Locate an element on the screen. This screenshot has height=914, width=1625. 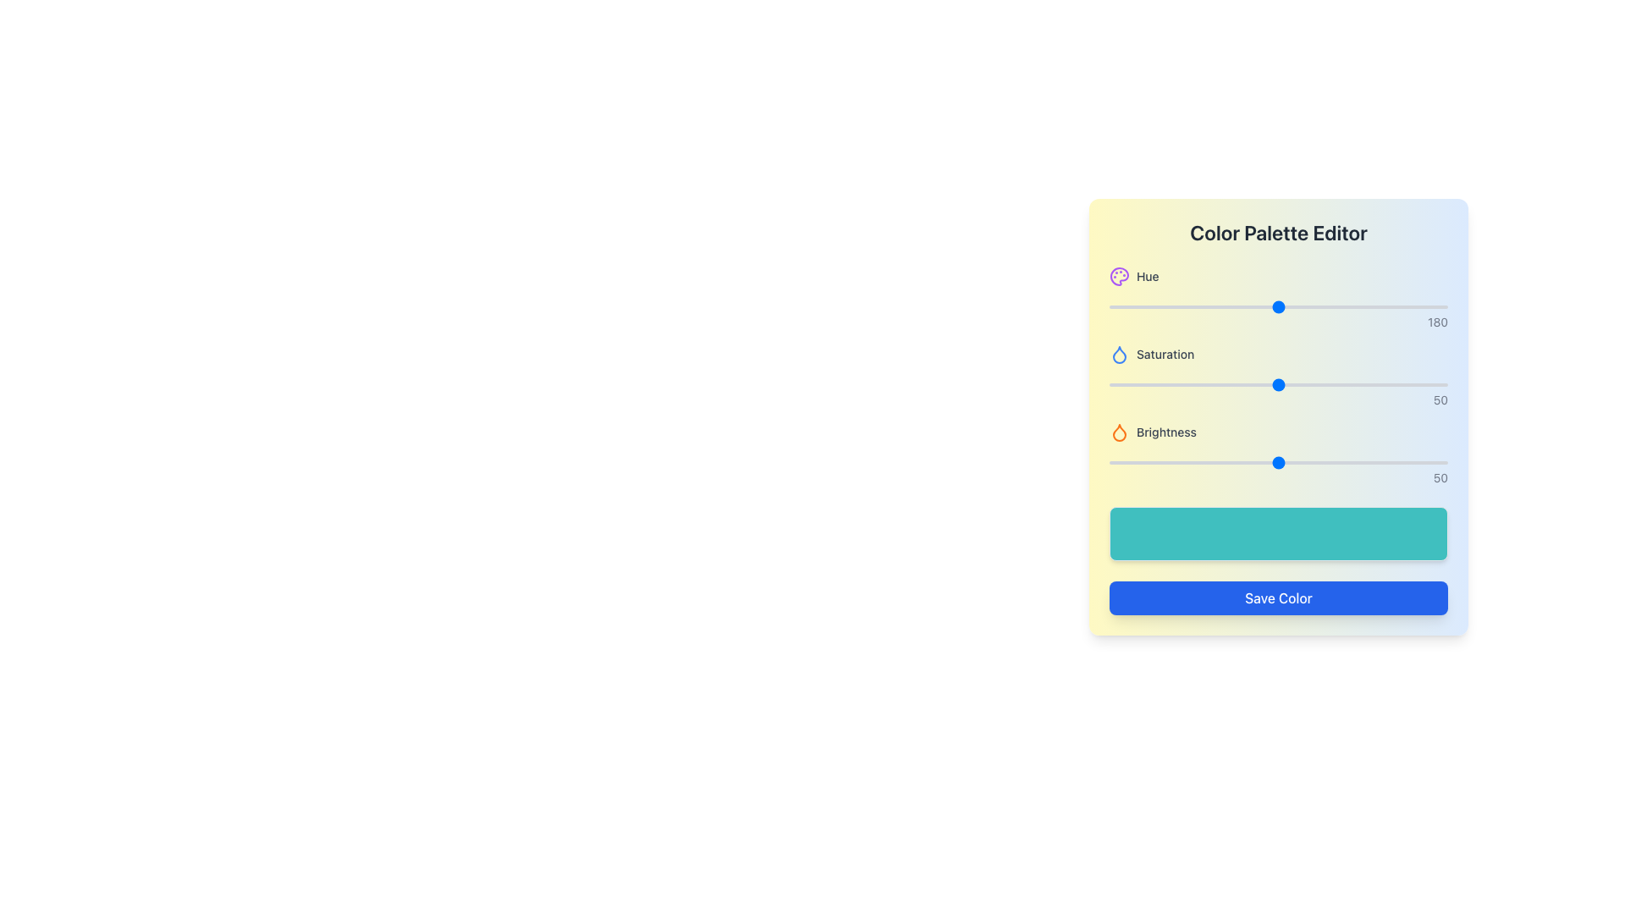
the slider value is located at coordinates (1325, 385).